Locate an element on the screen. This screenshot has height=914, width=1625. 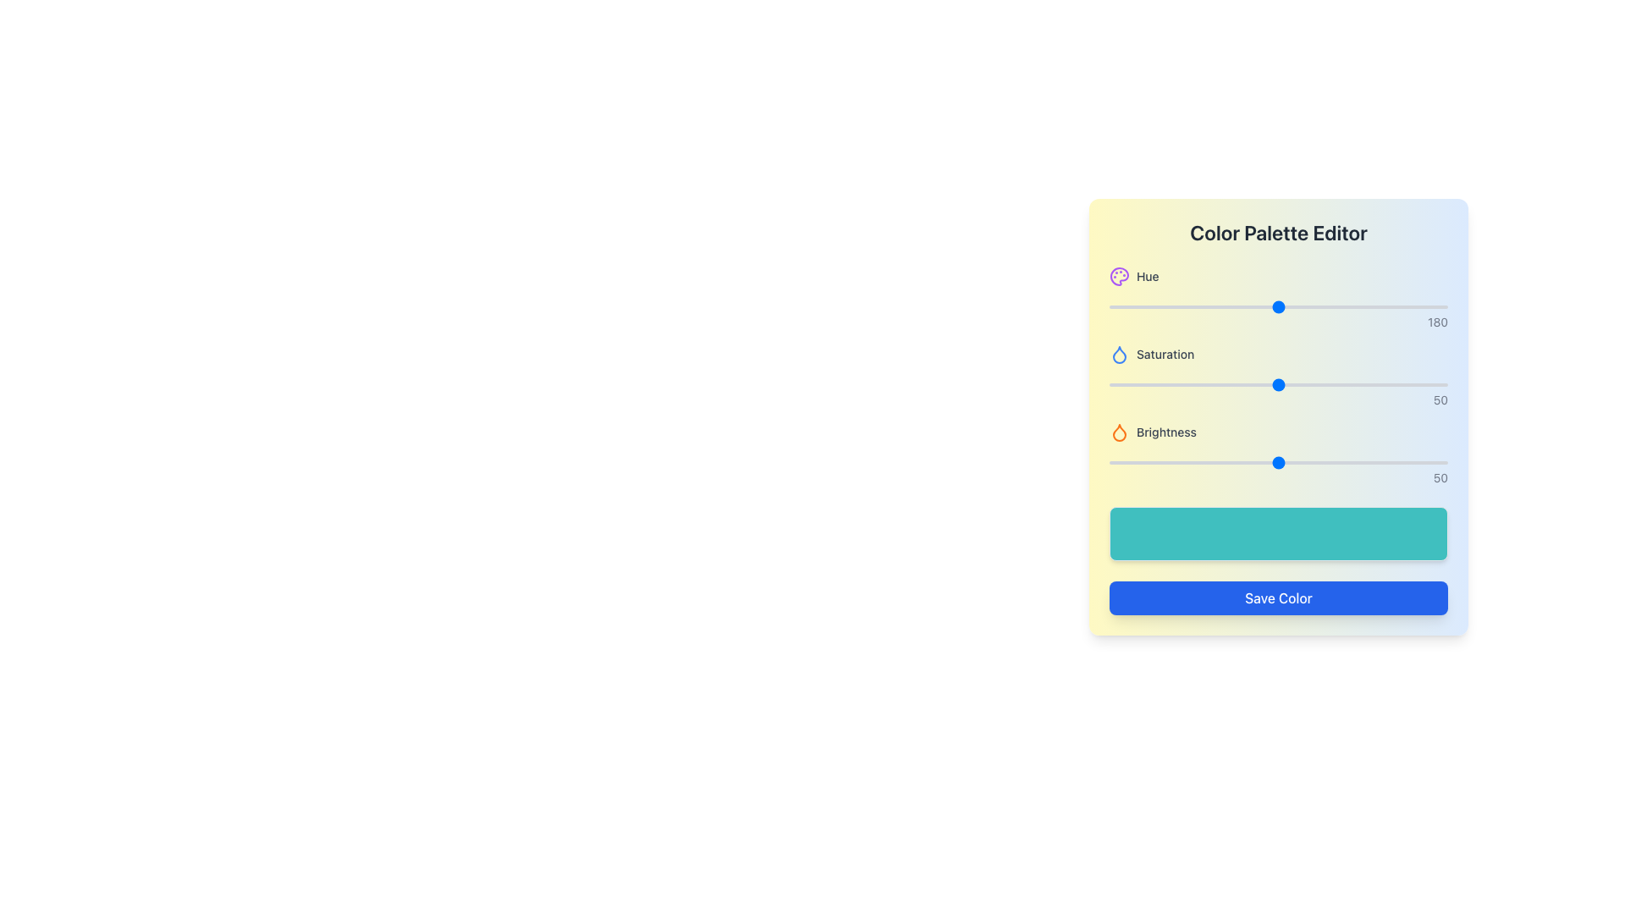
the slider value is located at coordinates (1325, 385).